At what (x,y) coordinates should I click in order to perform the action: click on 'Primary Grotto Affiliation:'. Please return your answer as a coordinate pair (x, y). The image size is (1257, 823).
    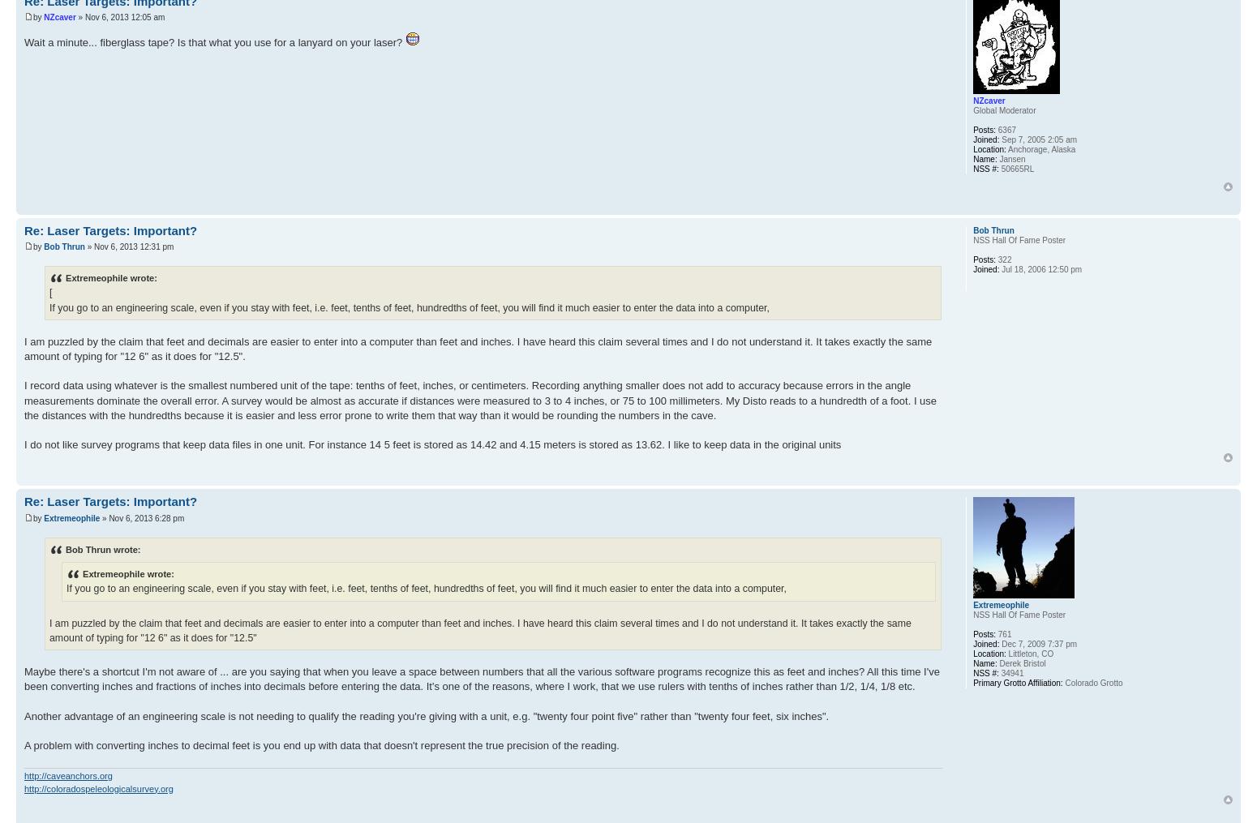
    Looking at the image, I should click on (1017, 683).